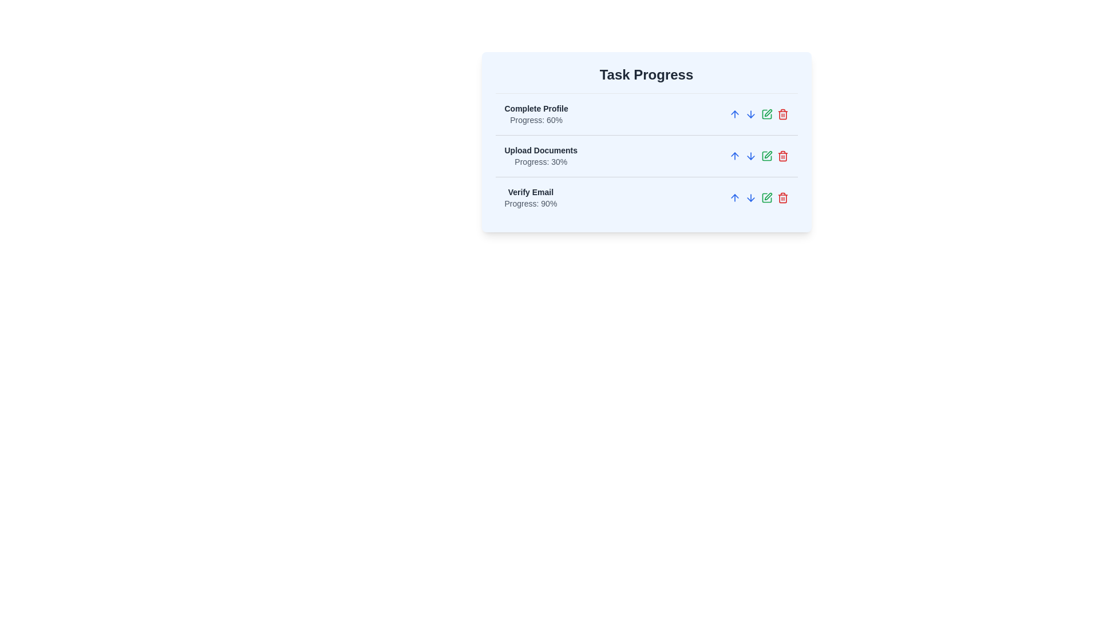  What do you see at coordinates (734, 197) in the screenshot?
I see `the first icon in the bottom row of action buttons for the 'Verify Email' task to increase its priority` at bounding box center [734, 197].